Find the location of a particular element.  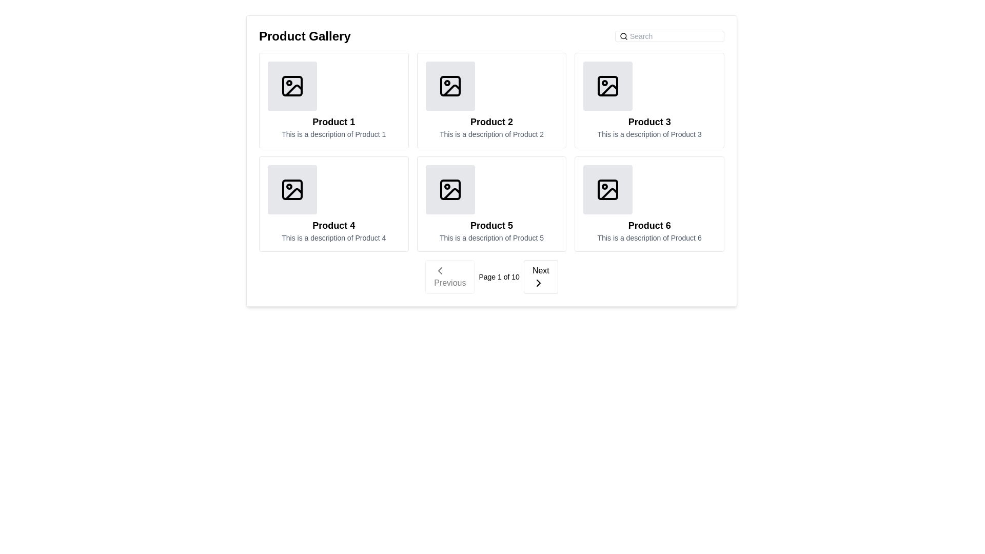

the Text Label that displays the current page number in the pagination system, located between the 'Previous' and 'Next' buttons is located at coordinates (499, 277).